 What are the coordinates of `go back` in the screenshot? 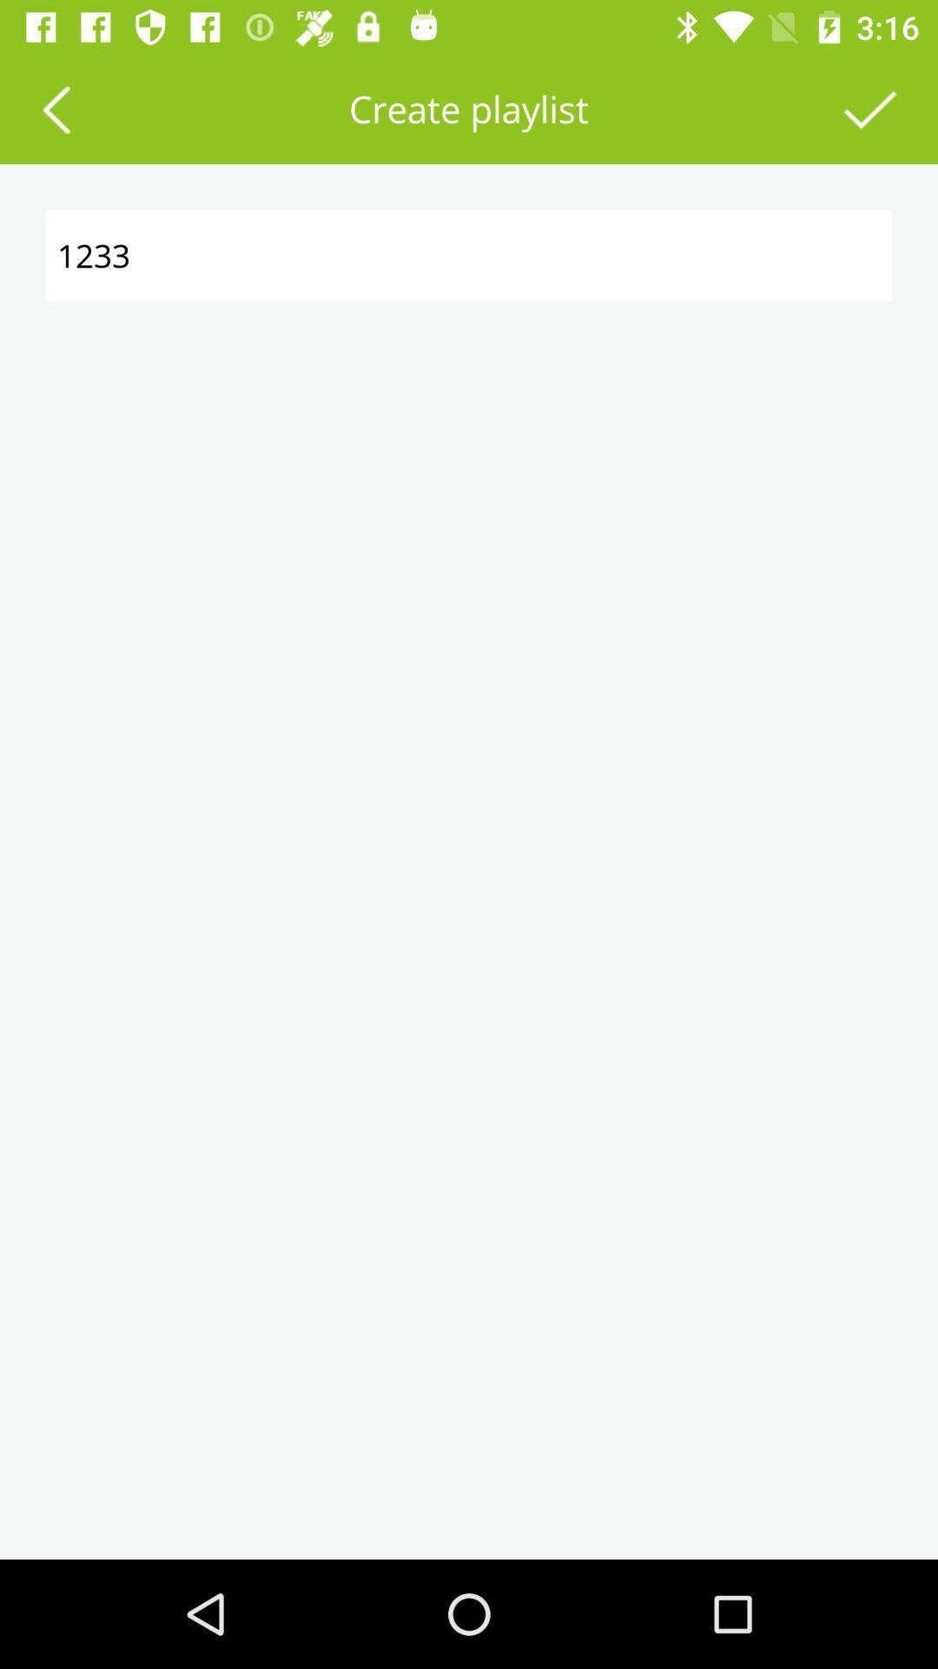 It's located at (55, 108).